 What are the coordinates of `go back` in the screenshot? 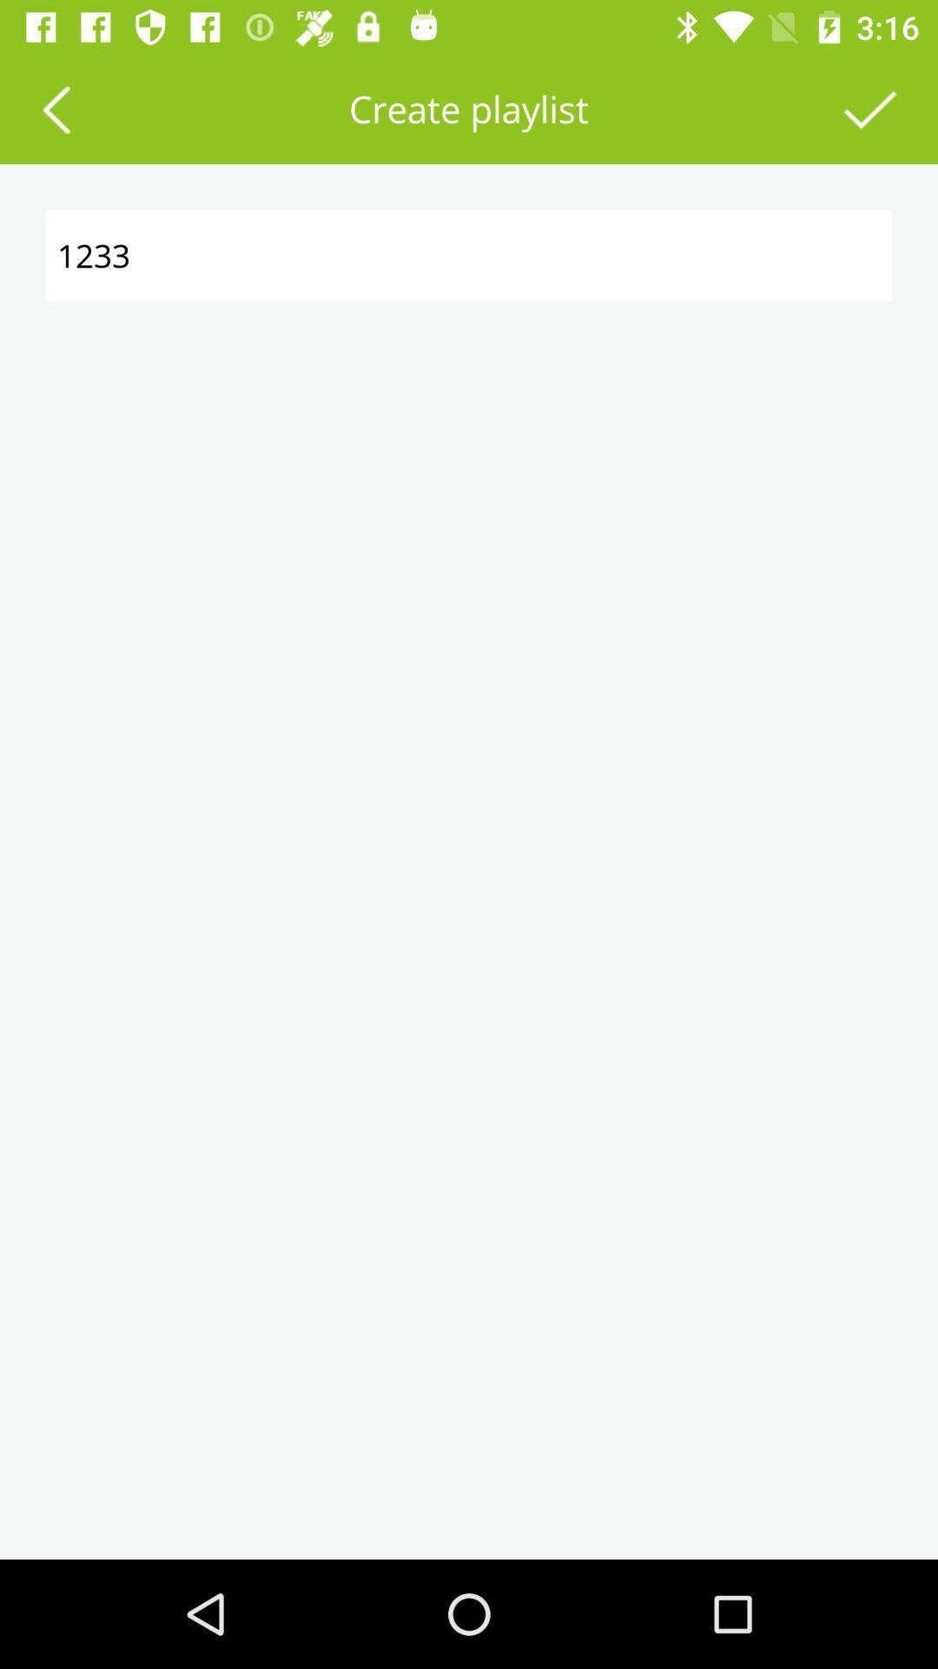 It's located at (55, 108).